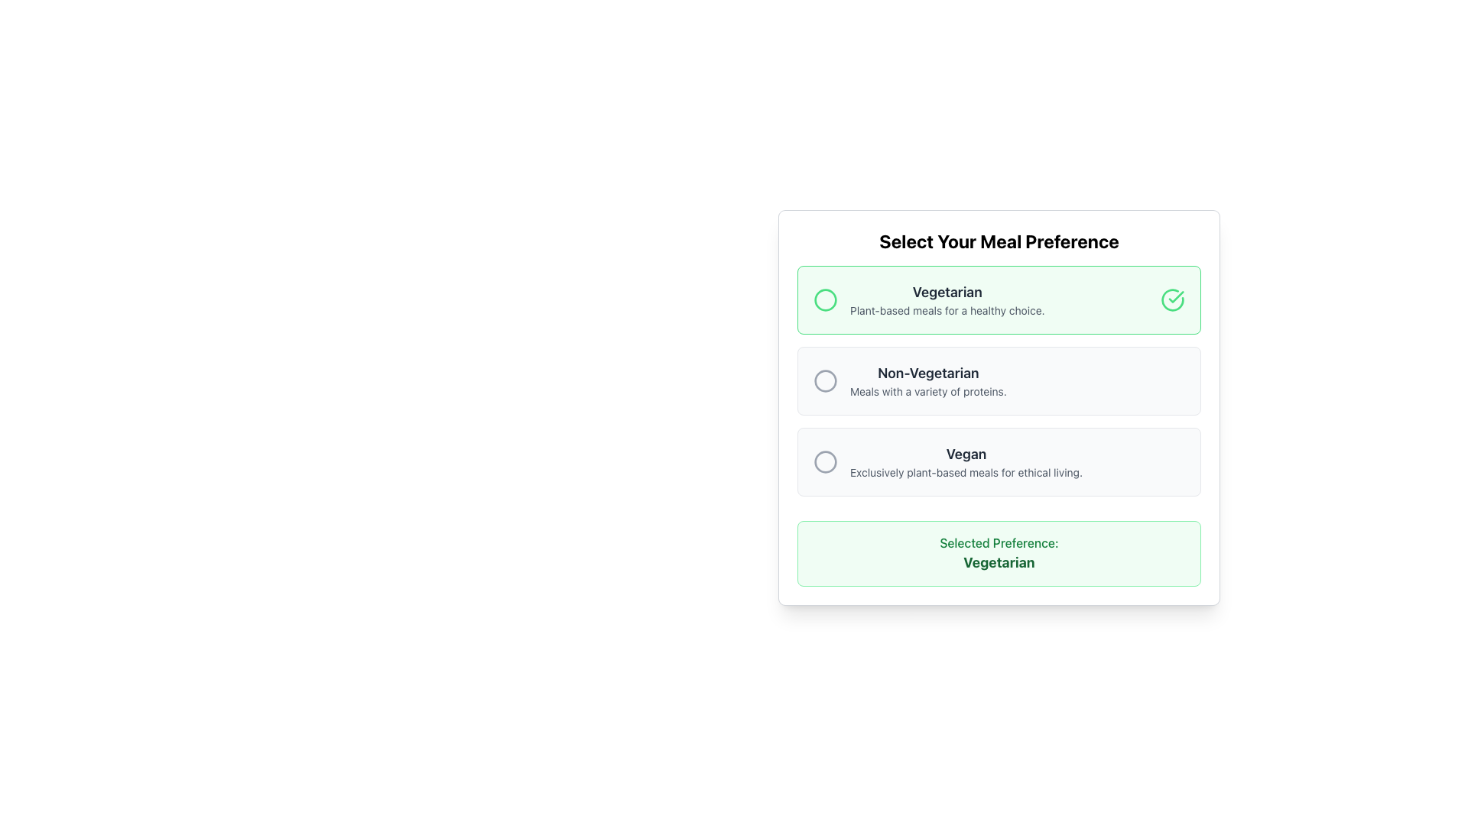 This screenshot has width=1468, height=825. Describe the element at coordinates (999, 380) in the screenshot. I see `the 'Non-Vegetarian' selectable list item` at that location.